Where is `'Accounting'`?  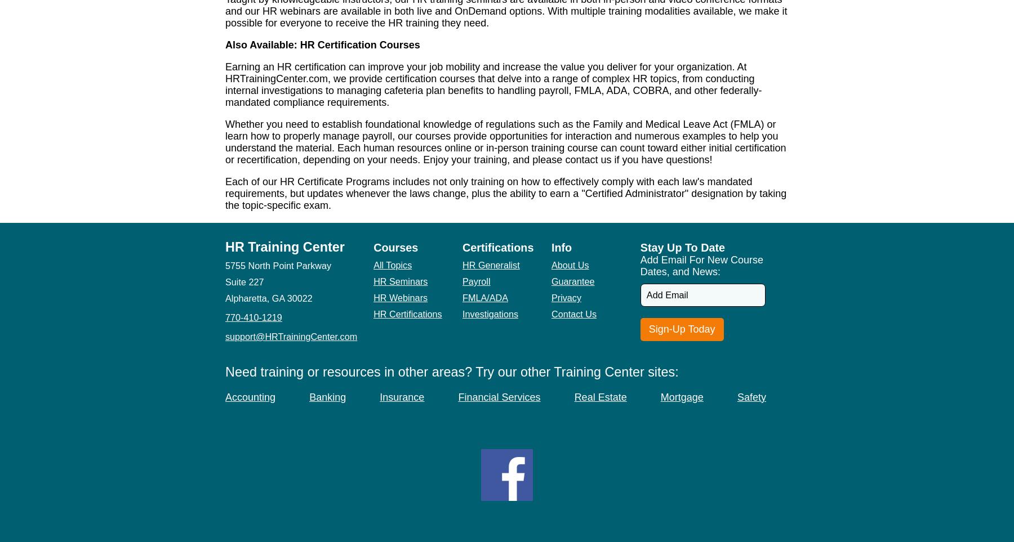 'Accounting' is located at coordinates (250, 396).